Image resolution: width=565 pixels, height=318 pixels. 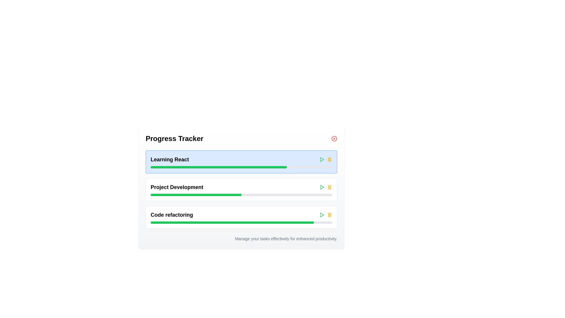 I want to click on the middle progress bar in the 'Project Development' section, which features a gray background and a green foreground to indicate progress, so click(x=241, y=195).